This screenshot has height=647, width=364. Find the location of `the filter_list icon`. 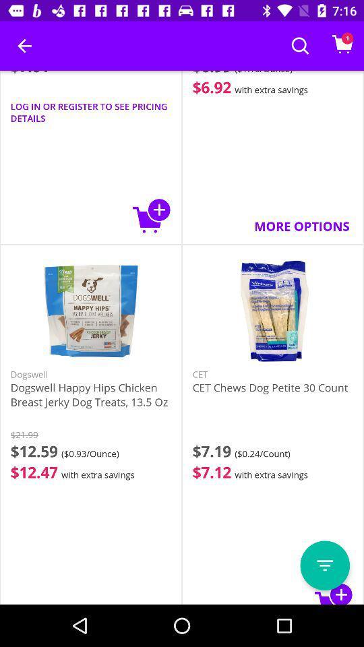

the filter_list icon is located at coordinates (324, 565).